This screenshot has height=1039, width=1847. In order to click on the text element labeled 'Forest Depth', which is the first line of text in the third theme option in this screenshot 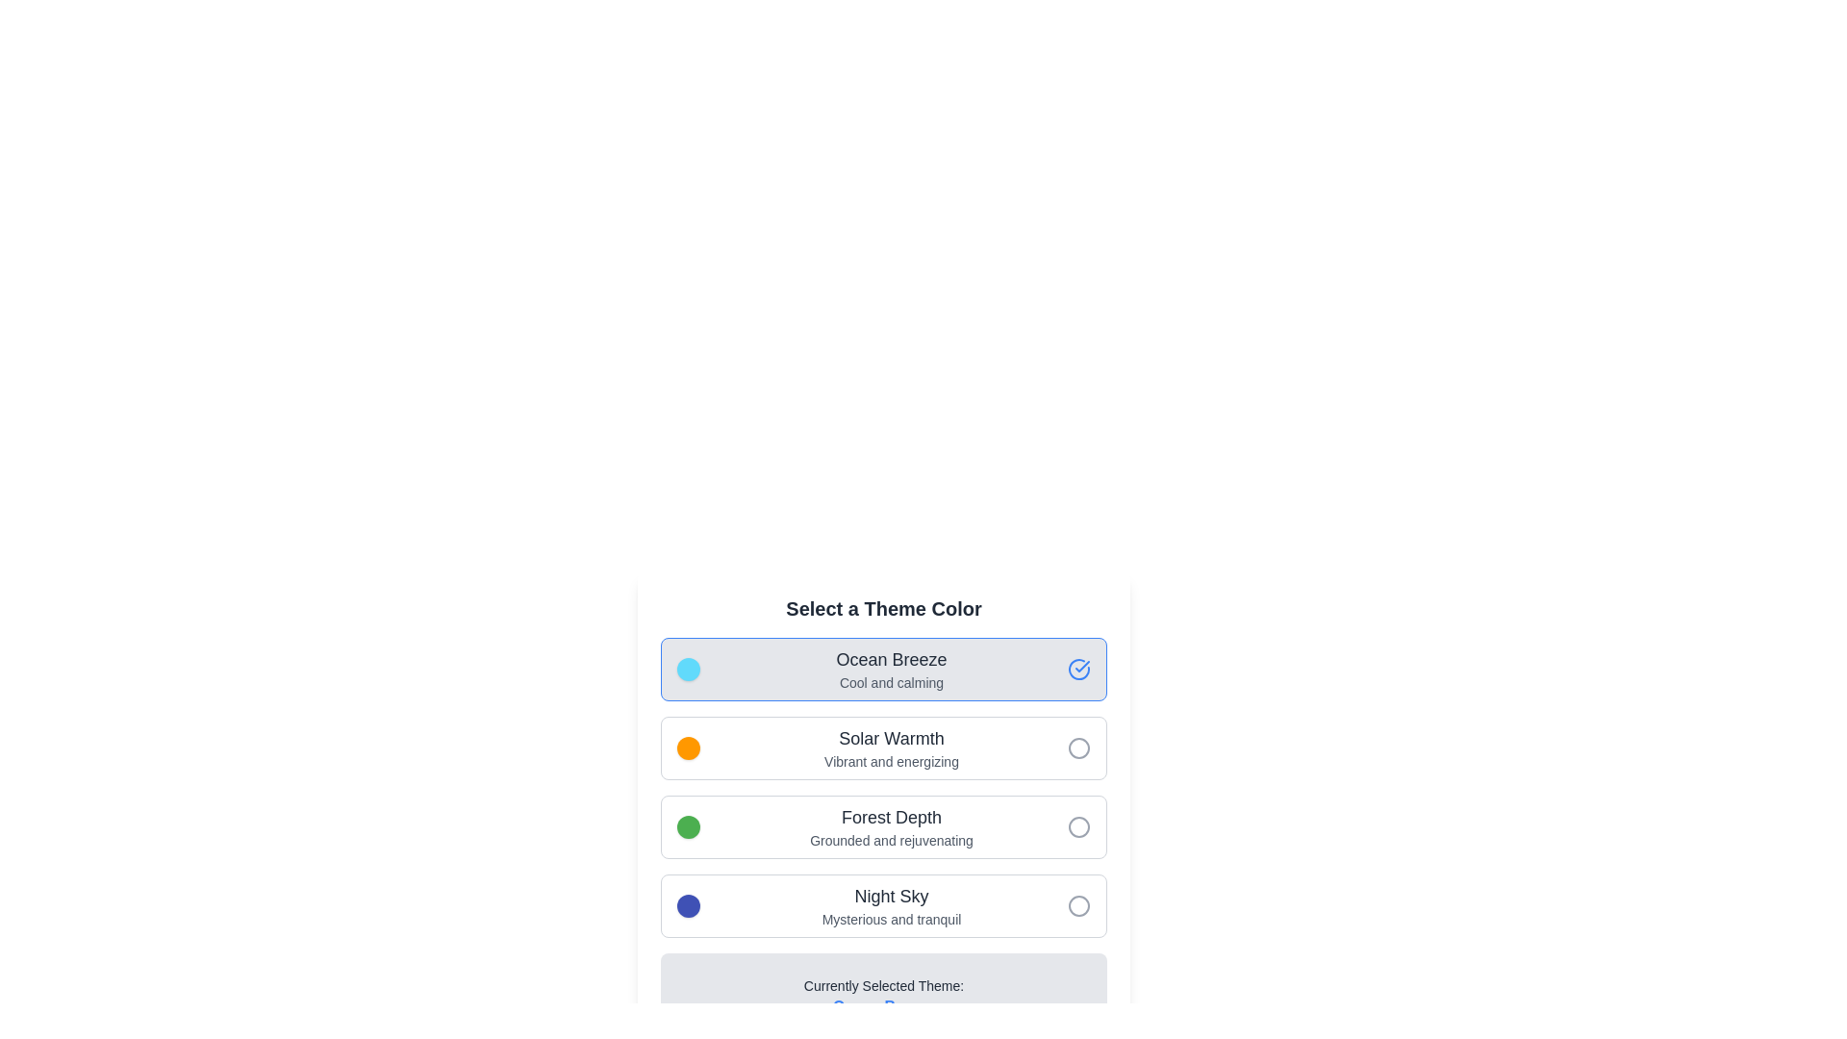, I will do `click(890, 817)`.